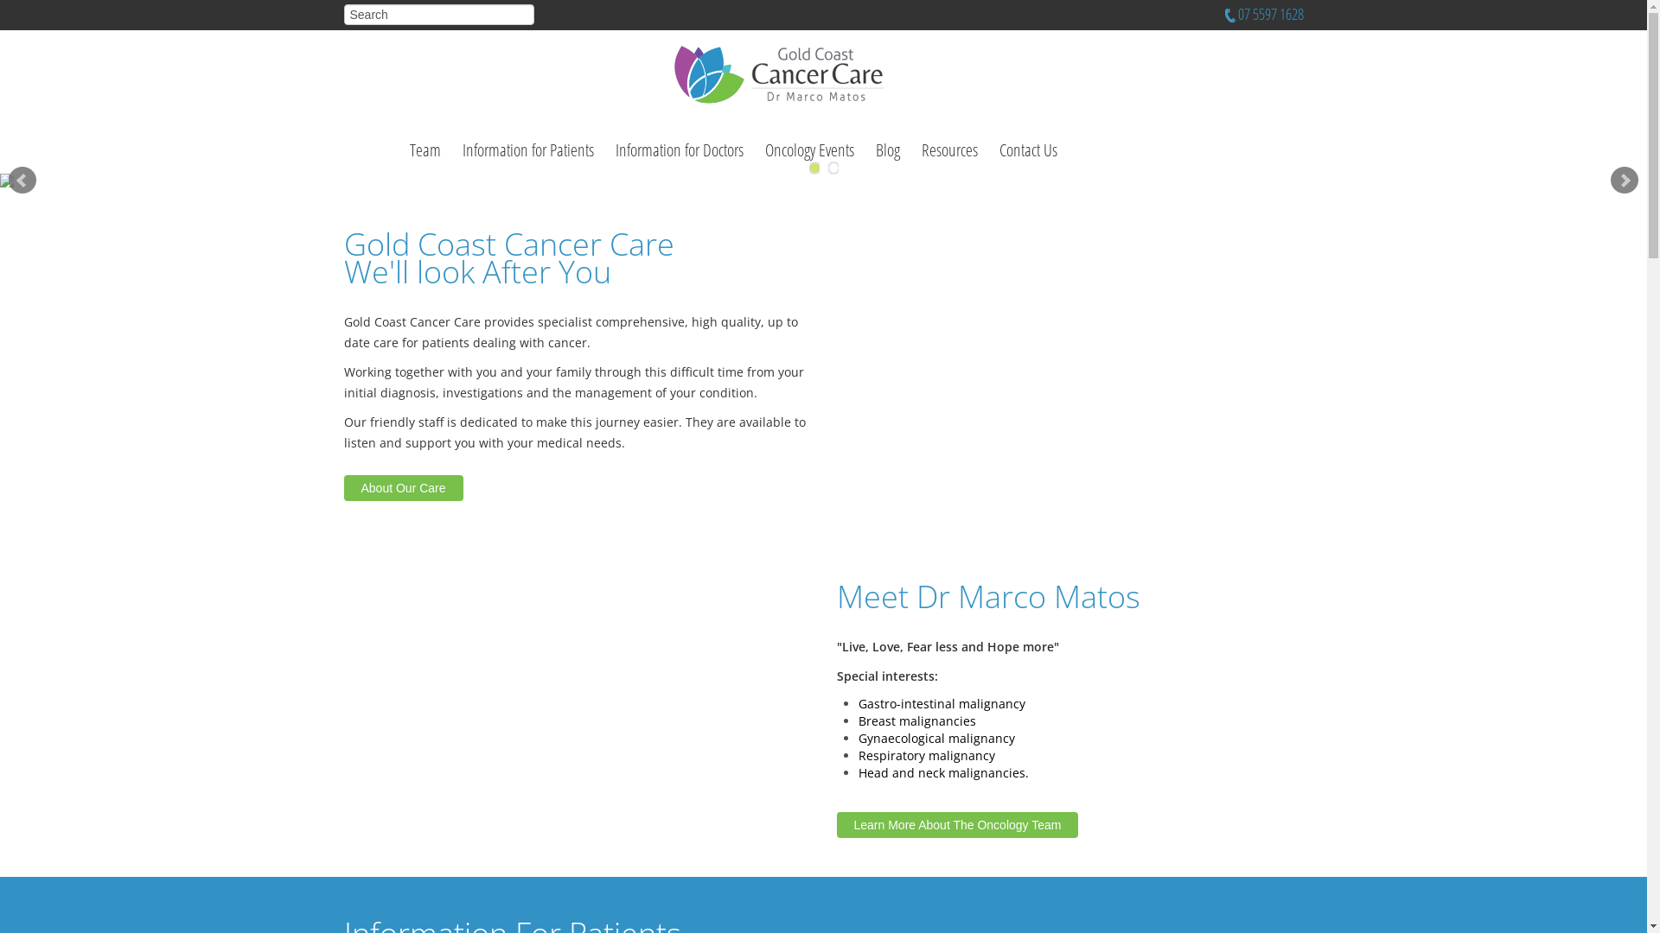 This screenshot has height=933, width=1660. I want to click on 'About Our Care', so click(402, 486).